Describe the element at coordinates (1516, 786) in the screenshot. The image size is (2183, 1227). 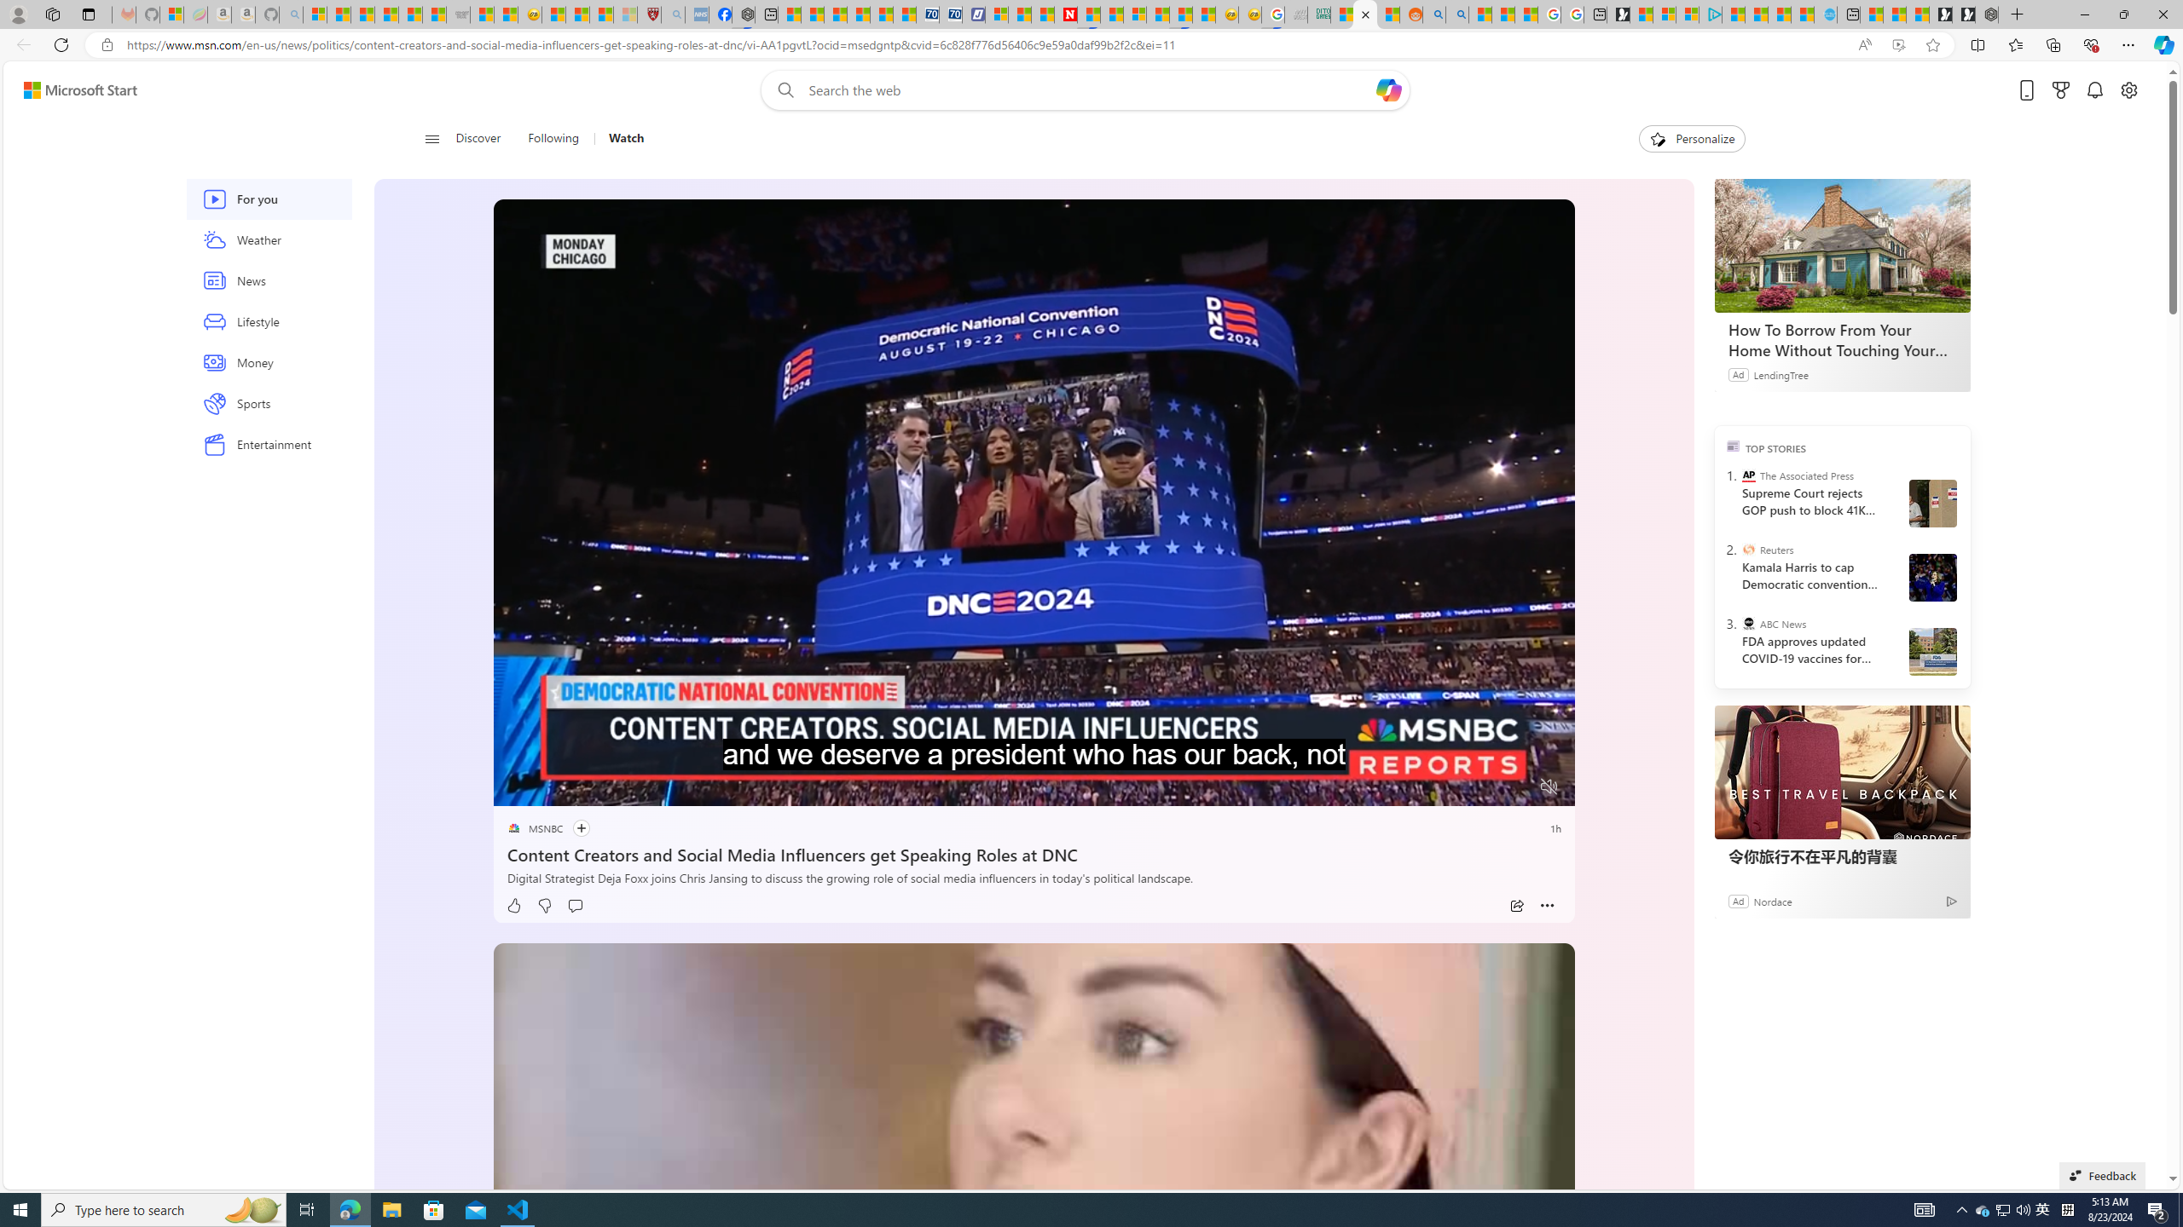
I see `'Fullscreen'` at that location.